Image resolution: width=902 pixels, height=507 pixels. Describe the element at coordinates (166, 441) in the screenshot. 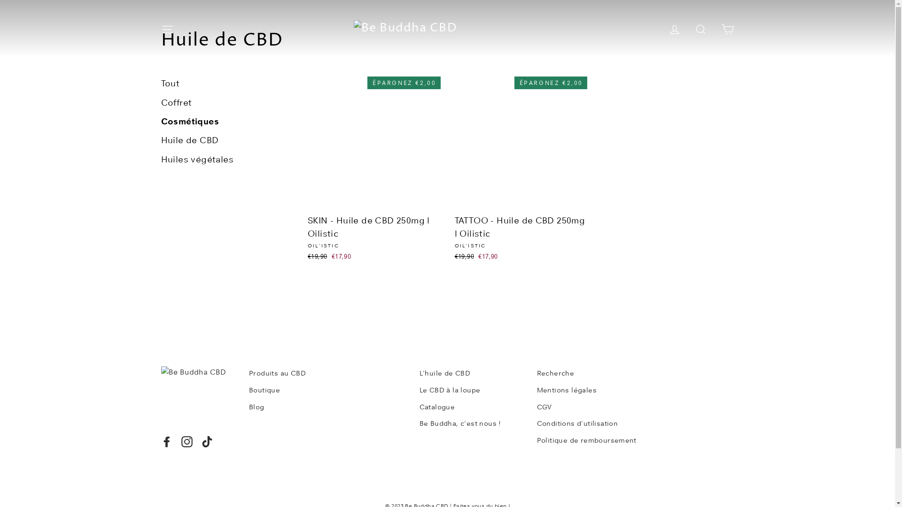

I see `'Facebook'` at that location.